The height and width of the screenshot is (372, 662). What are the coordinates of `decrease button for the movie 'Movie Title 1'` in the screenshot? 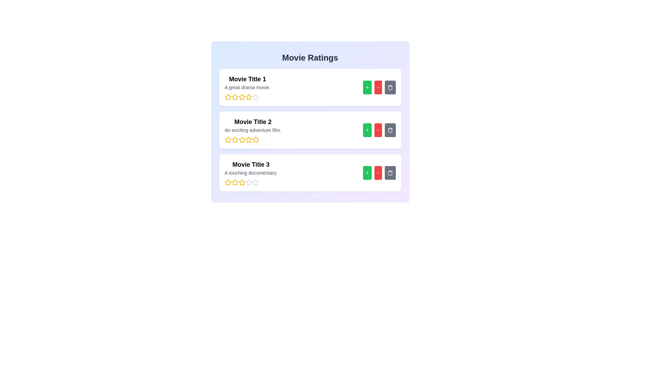 It's located at (378, 87).